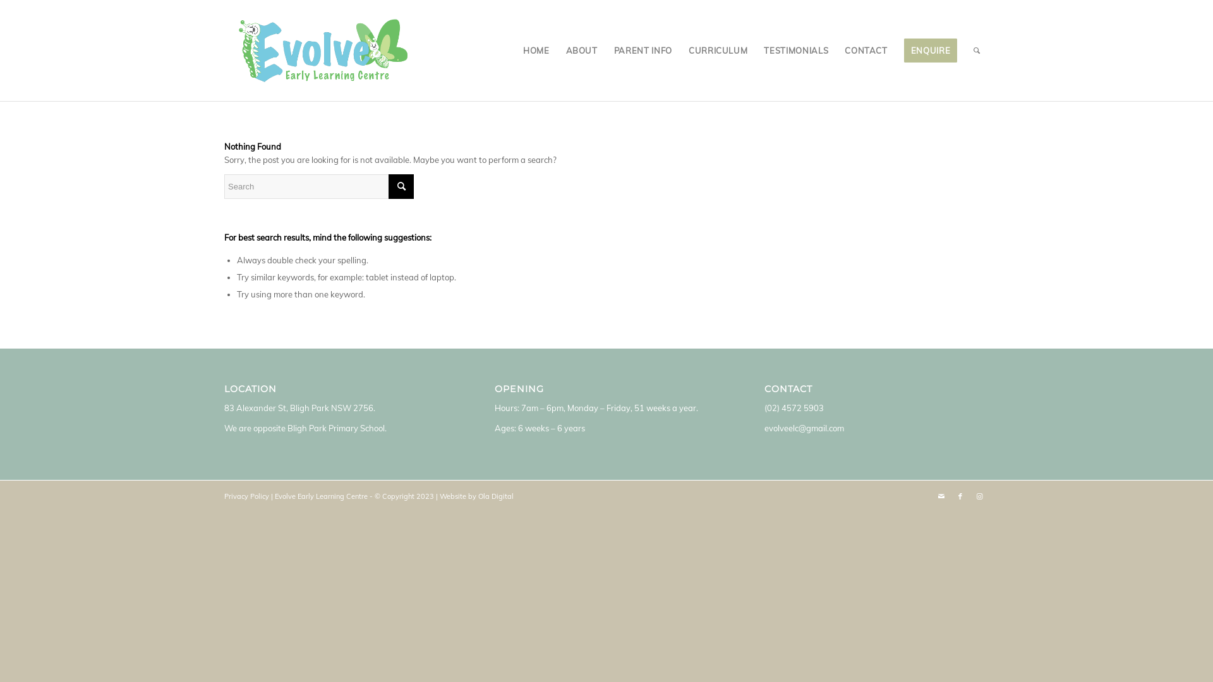 Image resolution: width=1213 pixels, height=682 pixels. What do you see at coordinates (960, 496) in the screenshot?
I see `'Facebook'` at bounding box center [960, 496].